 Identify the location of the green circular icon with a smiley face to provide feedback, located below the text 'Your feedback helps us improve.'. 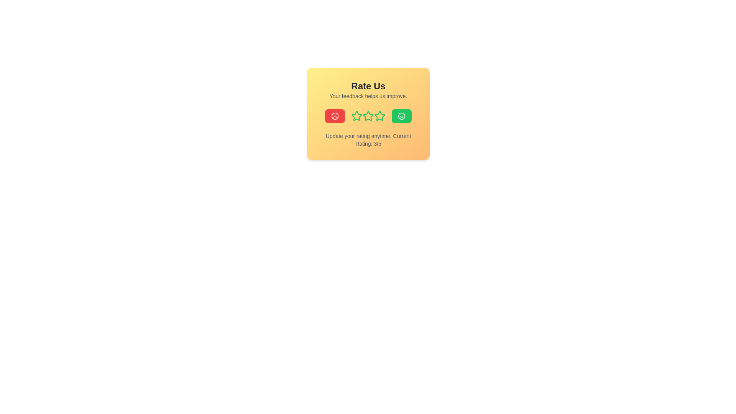
(401, 116).